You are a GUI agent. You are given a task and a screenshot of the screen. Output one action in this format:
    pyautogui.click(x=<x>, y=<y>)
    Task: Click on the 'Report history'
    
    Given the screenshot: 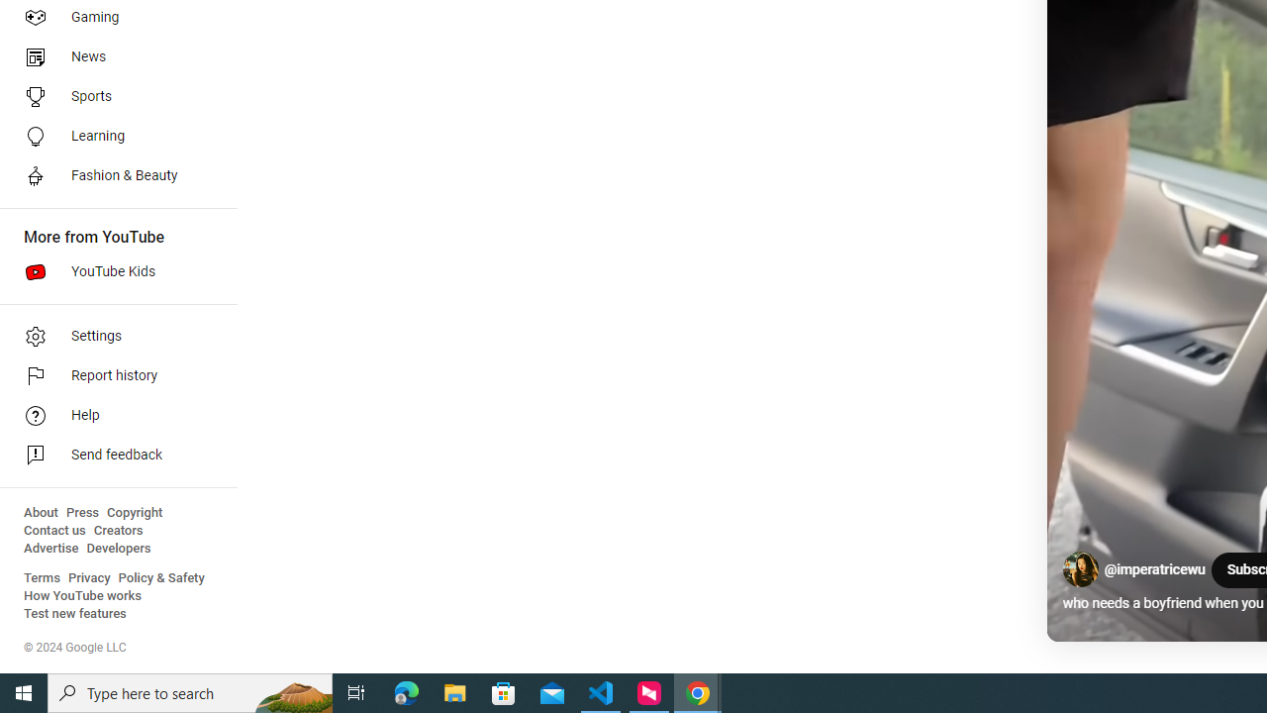 What is the action you would take?
    pyautogui.click(x=111, y=376)
    